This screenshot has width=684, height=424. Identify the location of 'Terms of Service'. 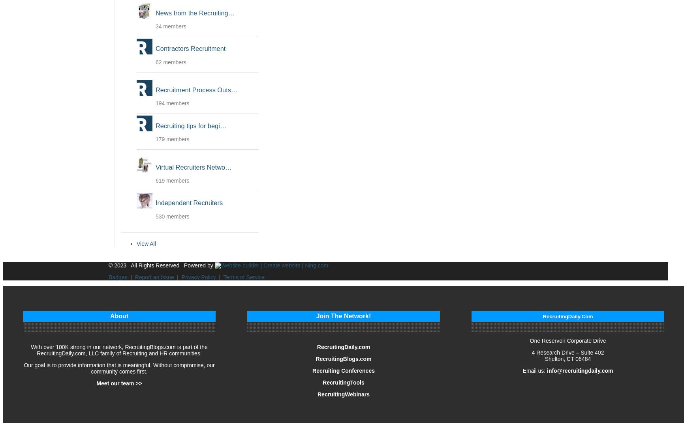
(244, 276).